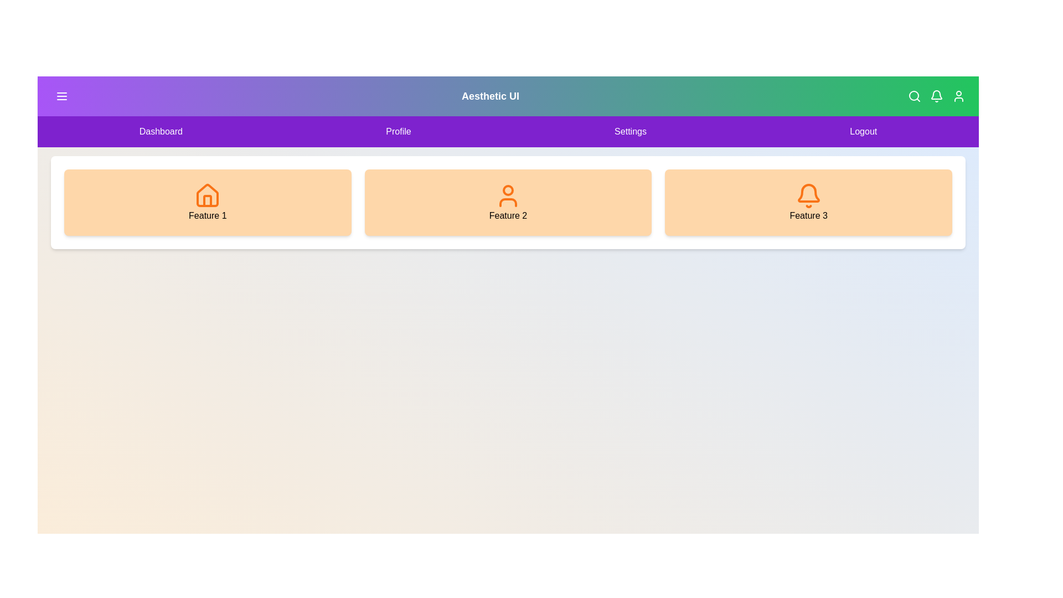  Describe the element at coordinates (160, 131) in the screenshot. I see `the navigation link to navigate to the Dashboard section` at that location.